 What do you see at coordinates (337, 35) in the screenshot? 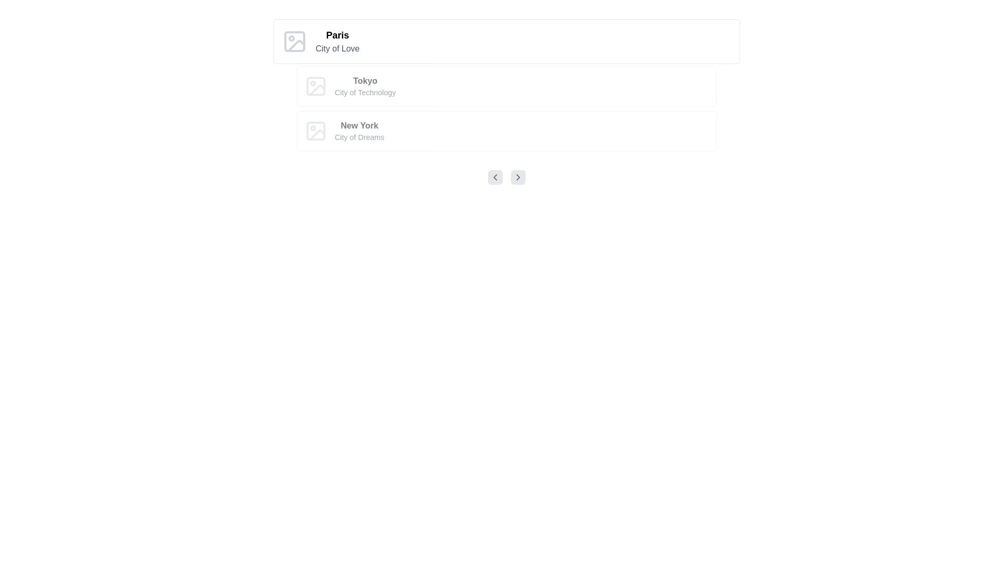
I see `the bold header text that serves as the title for the first list item, which describes the city 'Paris'` at bounding box center [337, 35].